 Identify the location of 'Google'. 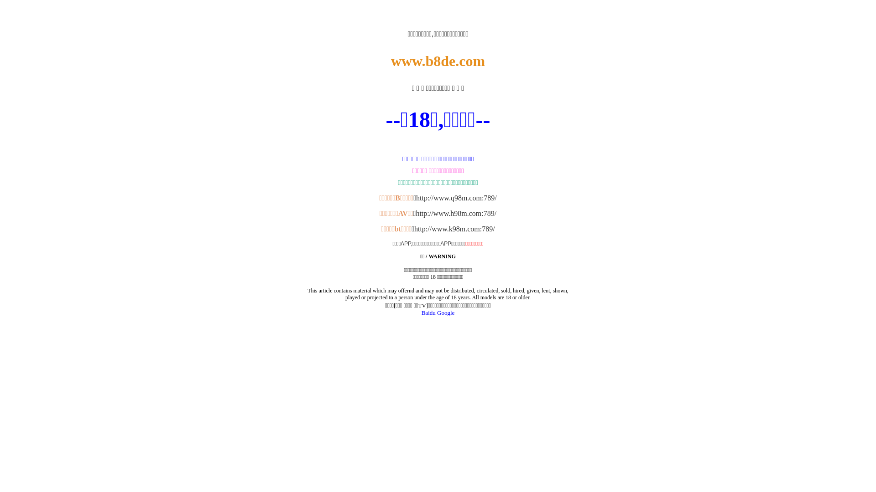
(437, 312).